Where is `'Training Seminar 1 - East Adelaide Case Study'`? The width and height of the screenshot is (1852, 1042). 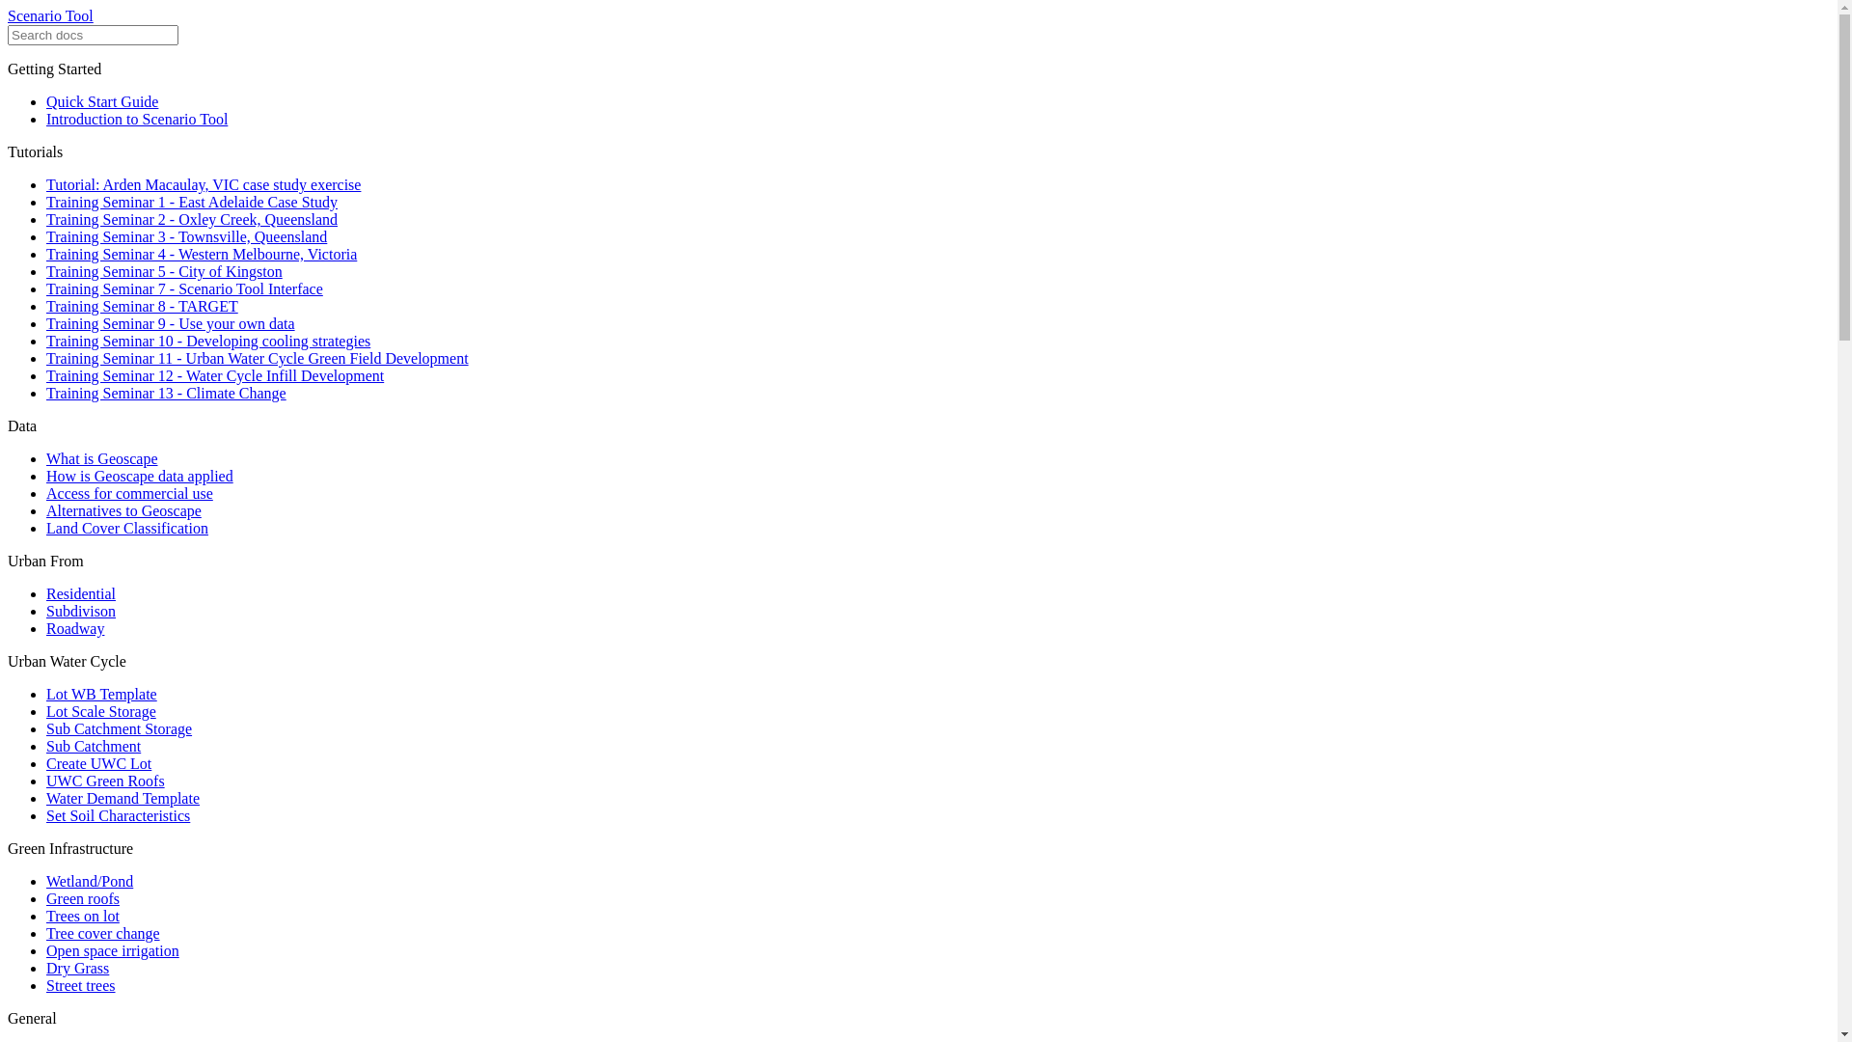 'Training Seminar 1 - East Adelaide Case Study' is located at coordinates (191, 202).